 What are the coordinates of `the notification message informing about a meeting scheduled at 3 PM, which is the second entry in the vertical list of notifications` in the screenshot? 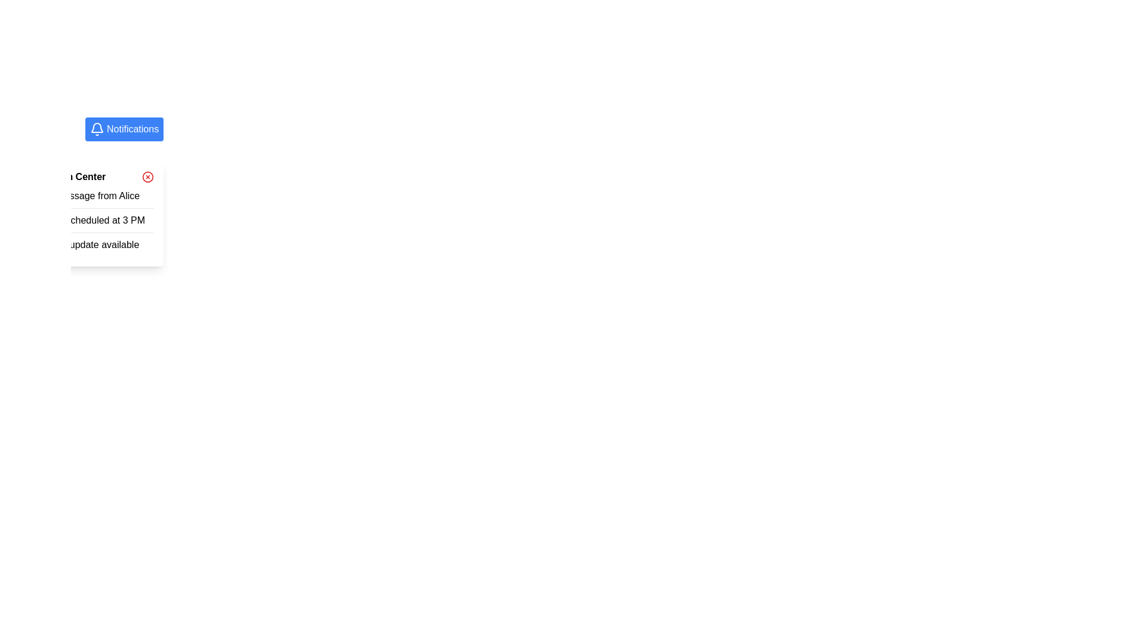 It's located at (87, 220).